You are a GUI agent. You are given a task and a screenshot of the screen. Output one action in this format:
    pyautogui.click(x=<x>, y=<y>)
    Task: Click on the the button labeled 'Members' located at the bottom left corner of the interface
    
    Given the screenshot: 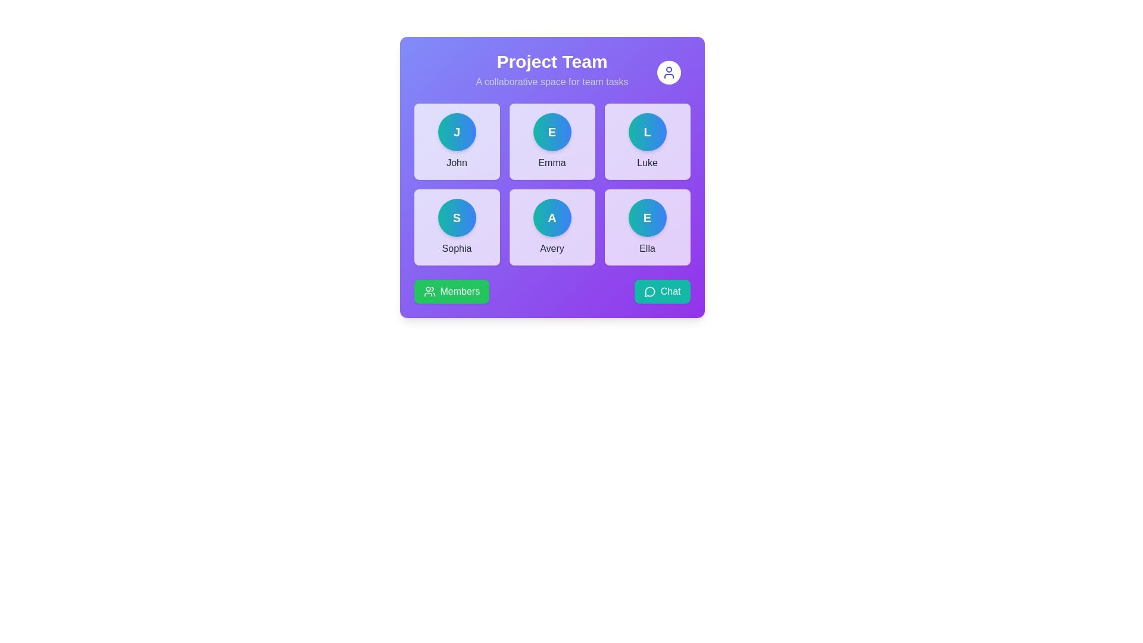 What is the action you would take?
    pyautogui.click(x=459, y=291)
    